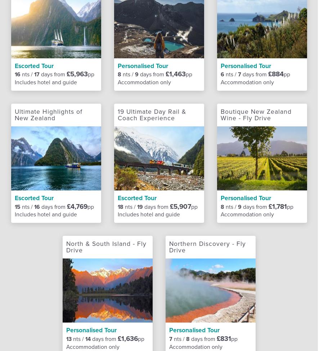  I want to click on 'How we can help your Business', so click(104, 122).